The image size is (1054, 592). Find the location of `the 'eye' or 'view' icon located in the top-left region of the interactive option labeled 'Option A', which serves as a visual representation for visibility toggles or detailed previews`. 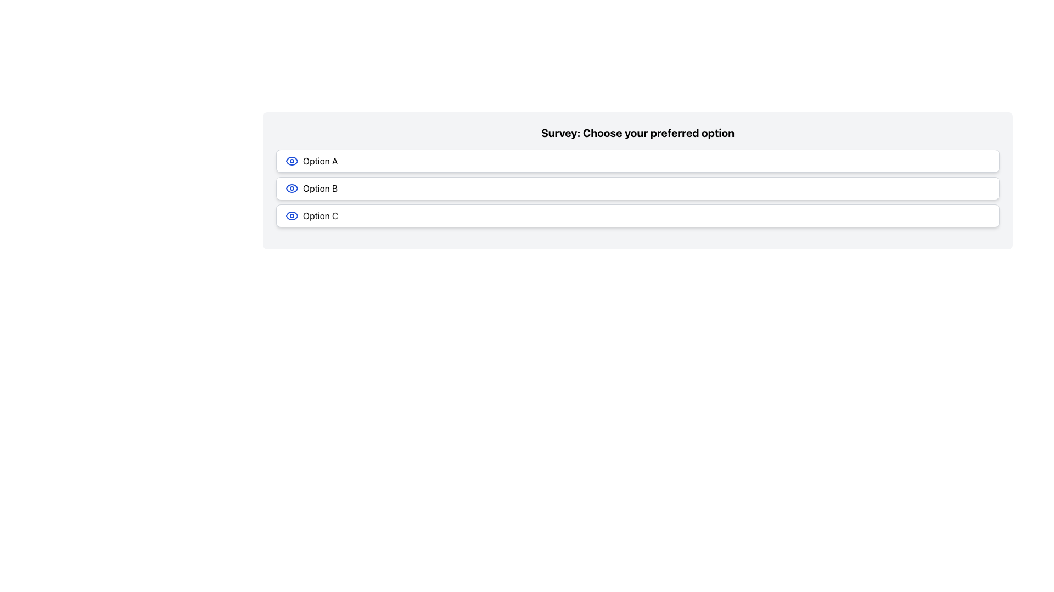

the 'eye' or 'view' icon located in the top-left region of the interactive option labeled 'Option A', which serves as a visual representation for visibility toggles or detailed previews is located at coordinates (292, 161).